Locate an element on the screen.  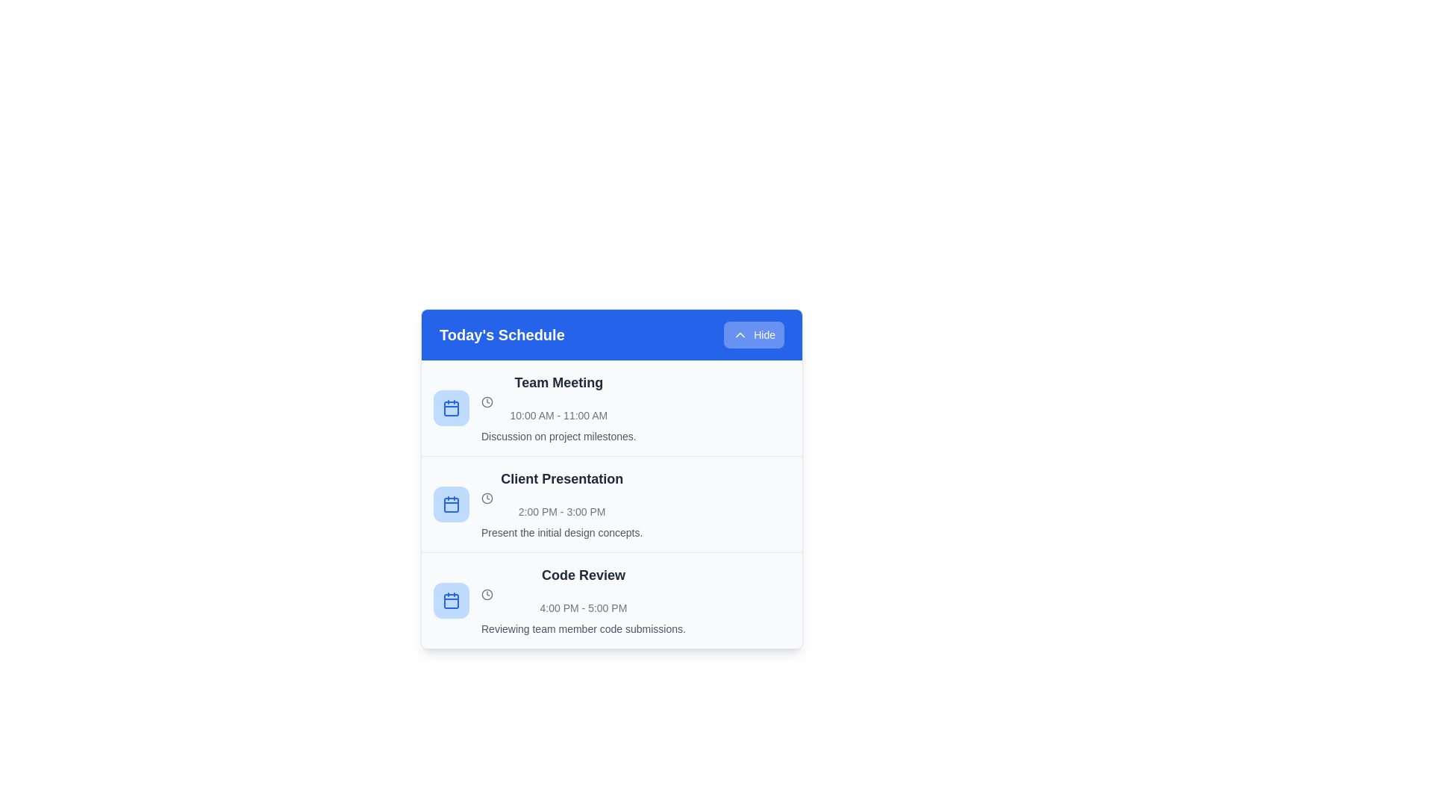
the third list item in the schedule interface, which features a bold title 'Code Review', a time range of '4:00 PM - 5:00 PM', and a description 'Reviewing team member code submissions.' along with a blue circular calendar icon is located at coordinates (612, 600).